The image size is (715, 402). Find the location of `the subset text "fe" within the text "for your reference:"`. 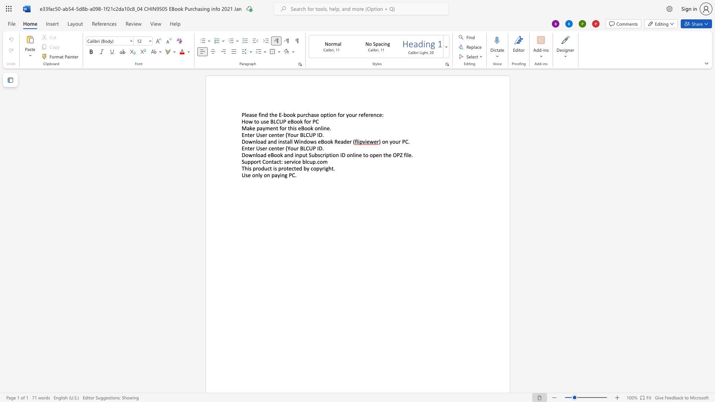

the subset text "fe" within the text "for your reference:" is located at coordinates (363, 115).